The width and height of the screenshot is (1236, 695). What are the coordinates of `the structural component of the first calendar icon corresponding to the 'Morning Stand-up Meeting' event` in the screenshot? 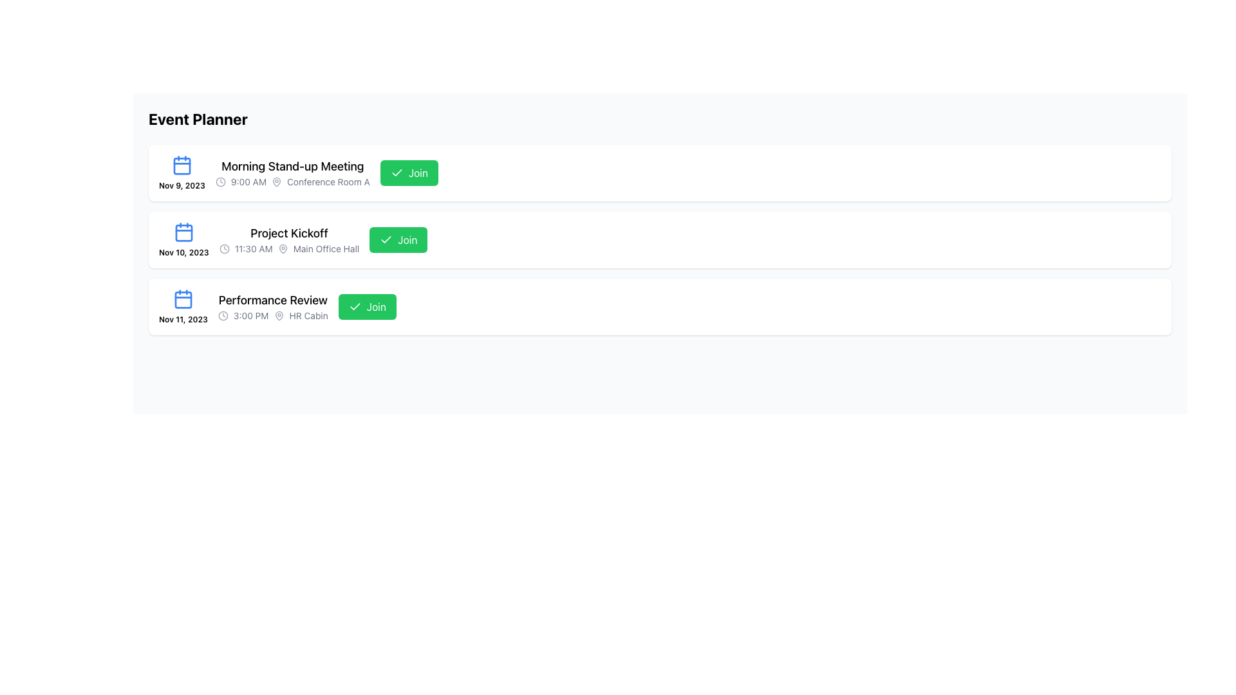 It's located at (181, 165).